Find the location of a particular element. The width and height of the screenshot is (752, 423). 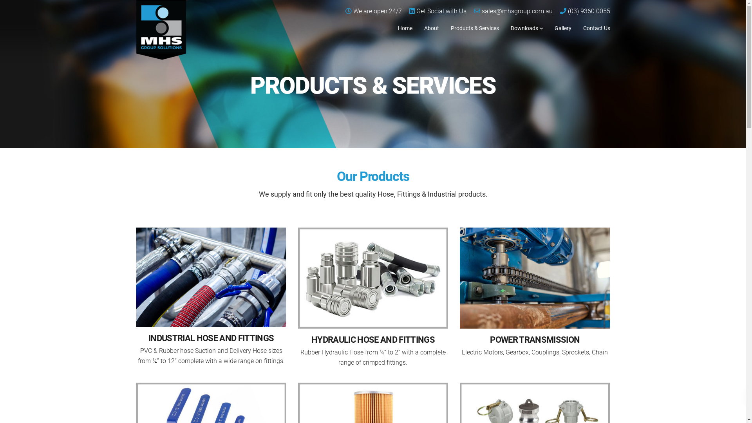

'About' is located at coordinates (431, 27).